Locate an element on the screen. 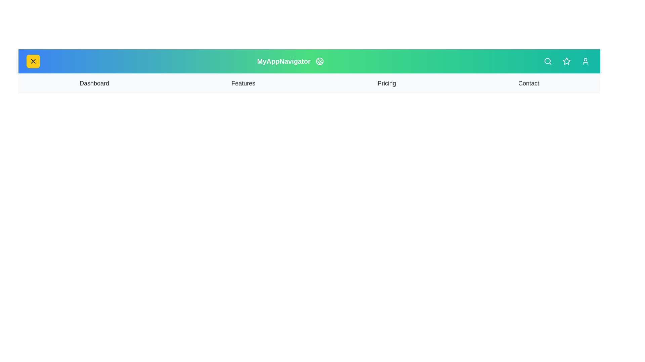 The width and height of the screenshot is (645, 362). the navigation link labeled Contact is located at coordinates (528, 83).